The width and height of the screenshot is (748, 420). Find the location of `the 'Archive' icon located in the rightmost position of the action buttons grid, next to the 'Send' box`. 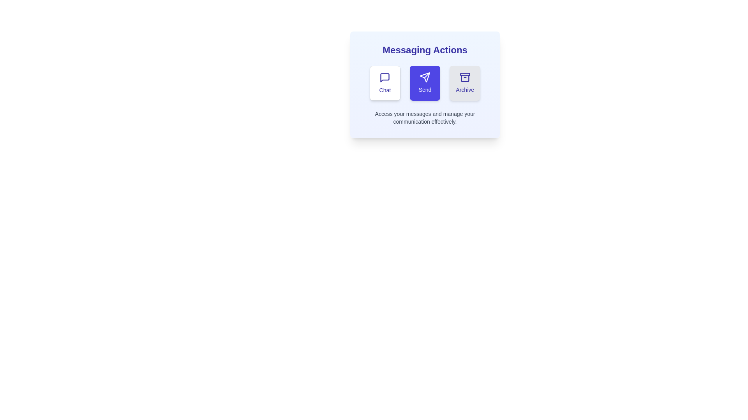

the 'Archive' icon located in the rightmost position of the action buttons grid, next to the 'Send' box is located at coordinates (465, 77).